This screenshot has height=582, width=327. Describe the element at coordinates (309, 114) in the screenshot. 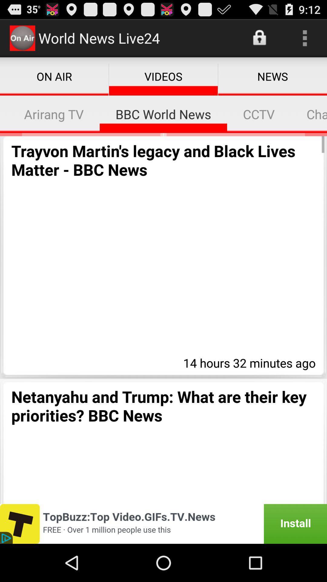

I see `icon next to      cctv      item` at that location.